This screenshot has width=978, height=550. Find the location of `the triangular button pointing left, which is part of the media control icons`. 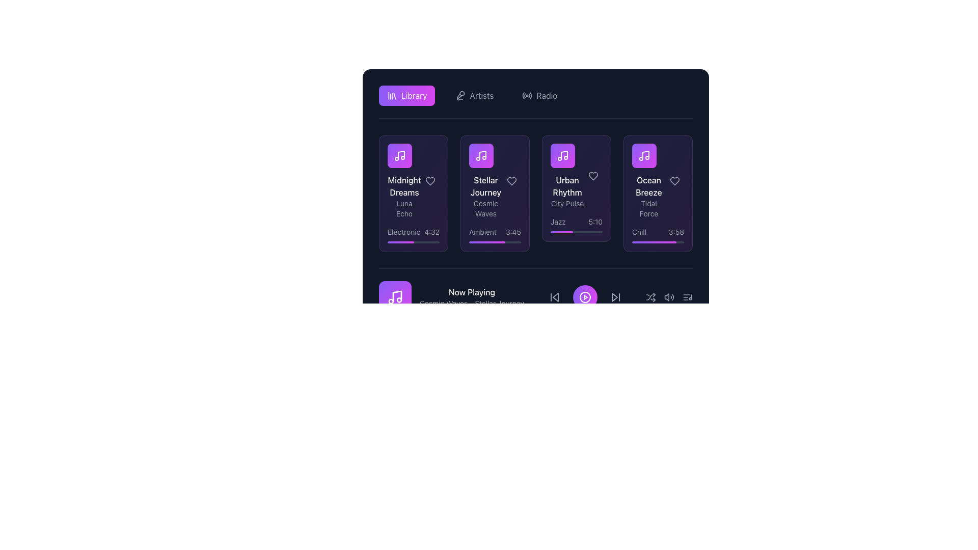

the triangular button pointing left, which is part of the media control icons is located at coordinates (555, 297).